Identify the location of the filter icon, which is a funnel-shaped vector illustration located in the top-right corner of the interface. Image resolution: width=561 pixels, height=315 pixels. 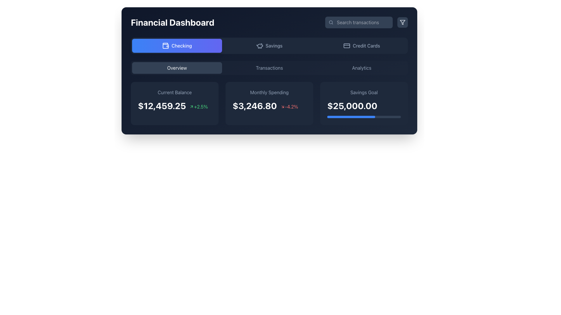
(402, 22).